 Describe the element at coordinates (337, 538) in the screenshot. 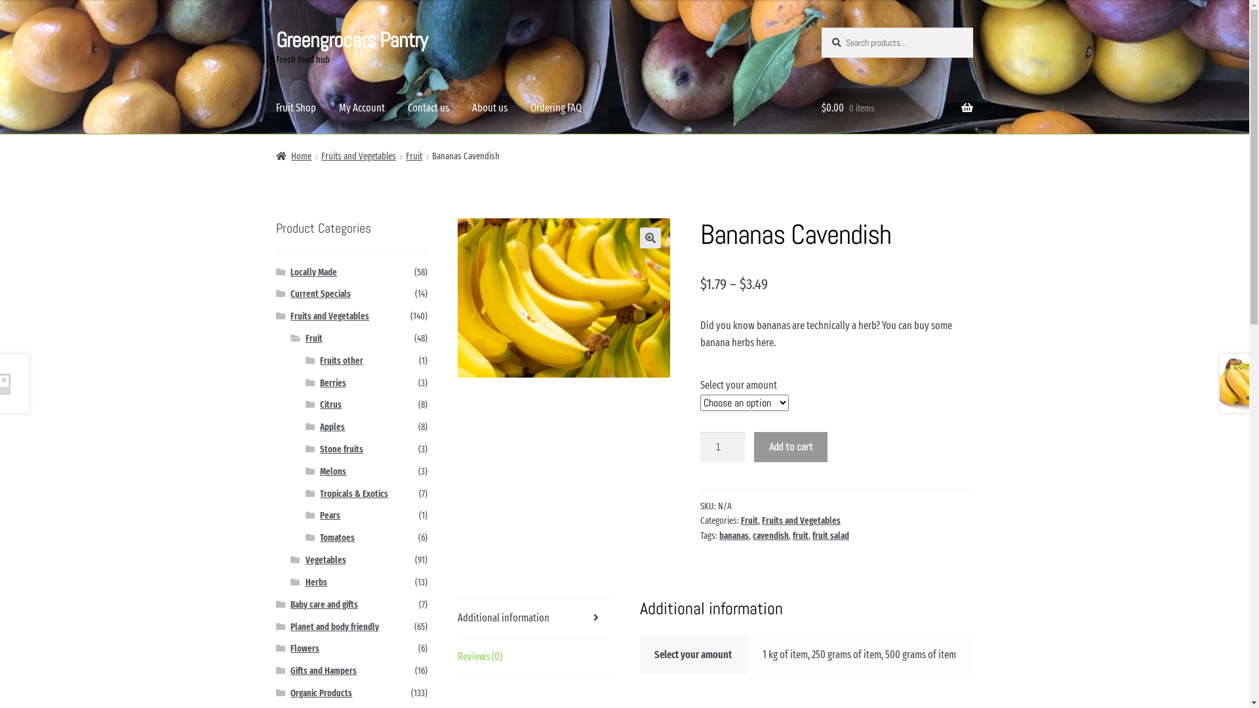

I see `'Tomatoes'` at that location.